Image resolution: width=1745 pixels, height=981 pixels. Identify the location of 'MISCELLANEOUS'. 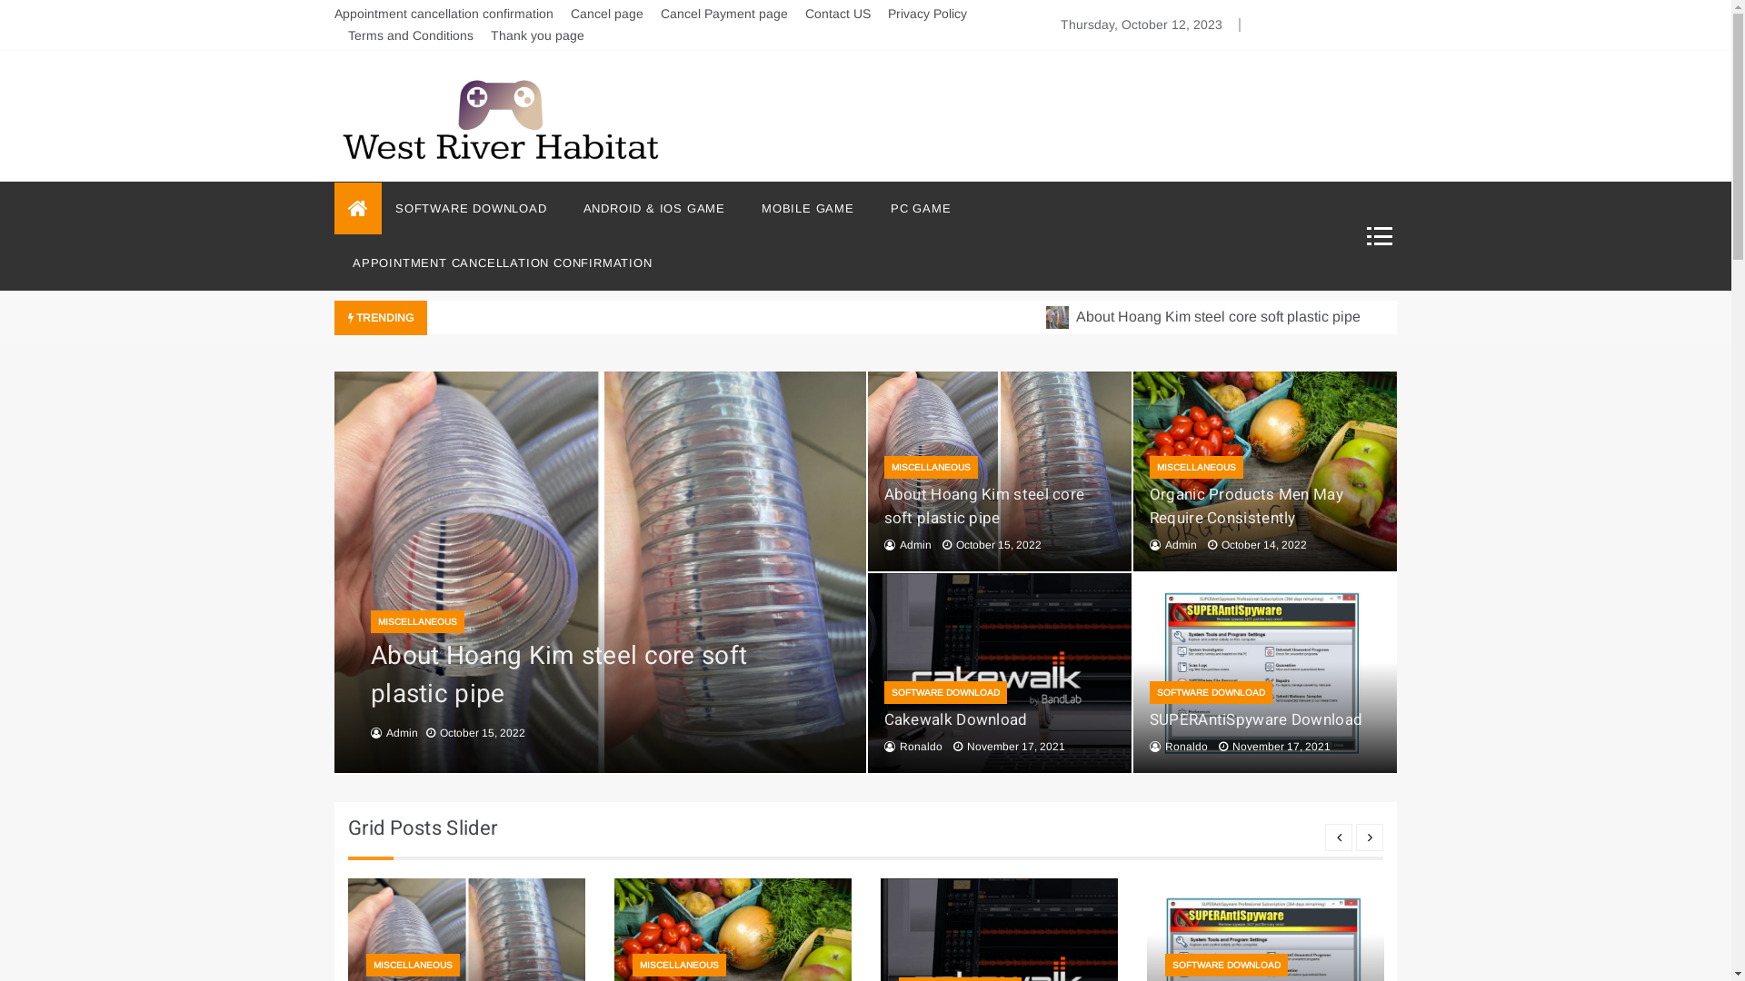
(930, 466).